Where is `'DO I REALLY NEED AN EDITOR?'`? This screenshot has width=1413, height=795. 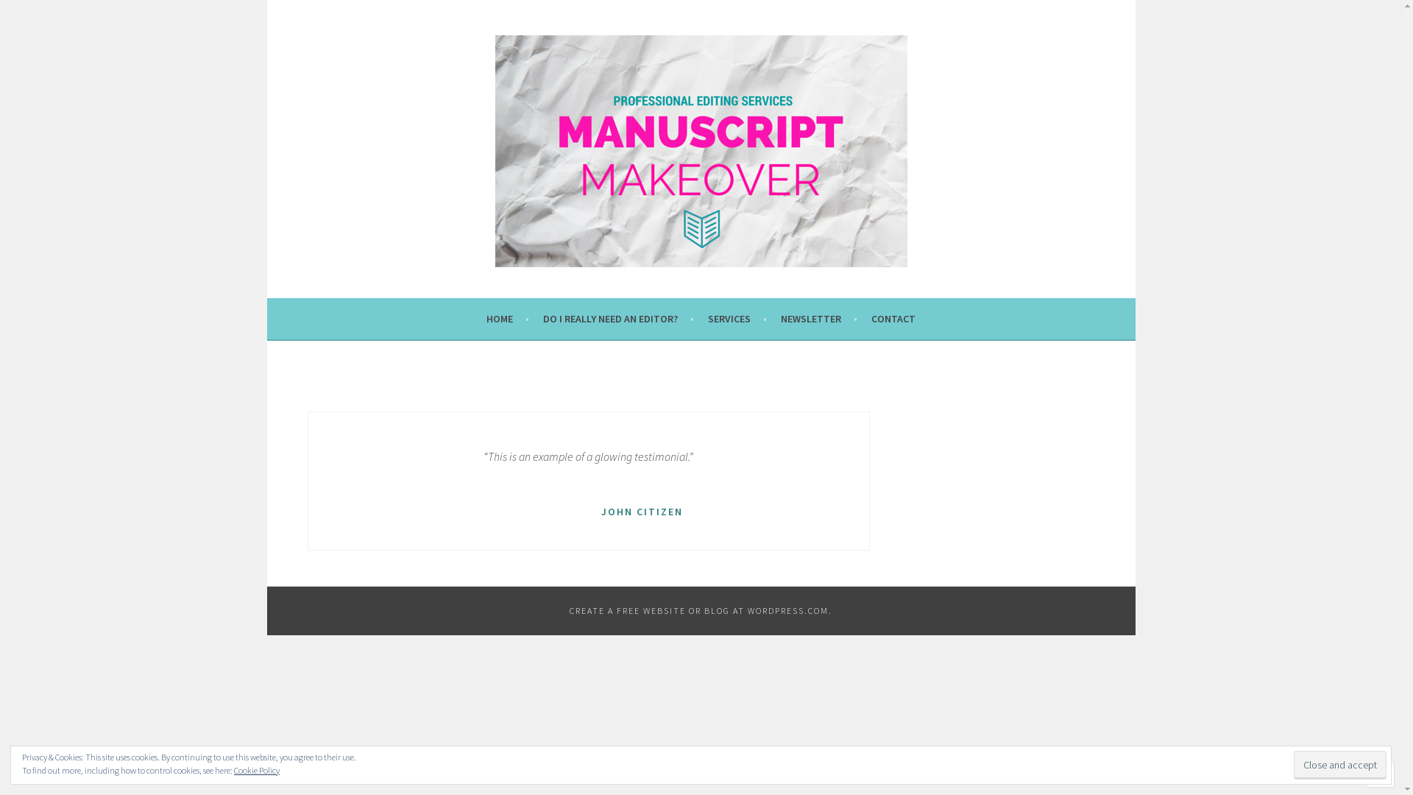 'DO I REALLY NEED AN EDITOR?' is located at coordinates (618, 317).